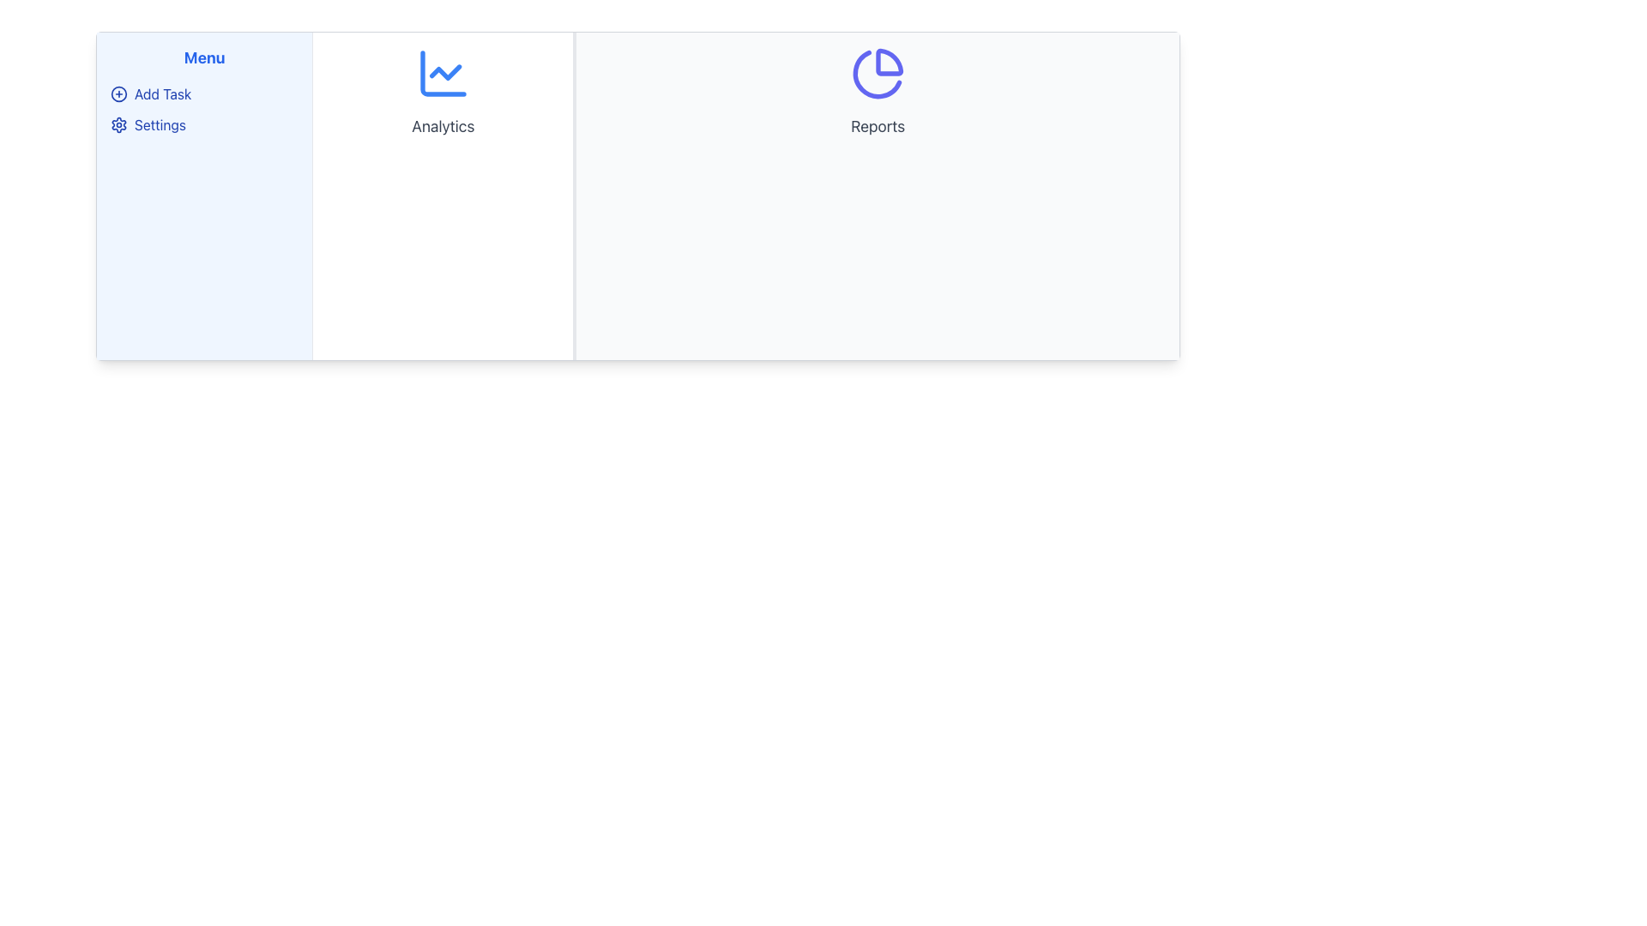  Describe the element at coordinates (443, 72) in the screenshot. I see `lower-left region of the 'Analytics' icon, which features a decorative fragment of a line chart` at that location.